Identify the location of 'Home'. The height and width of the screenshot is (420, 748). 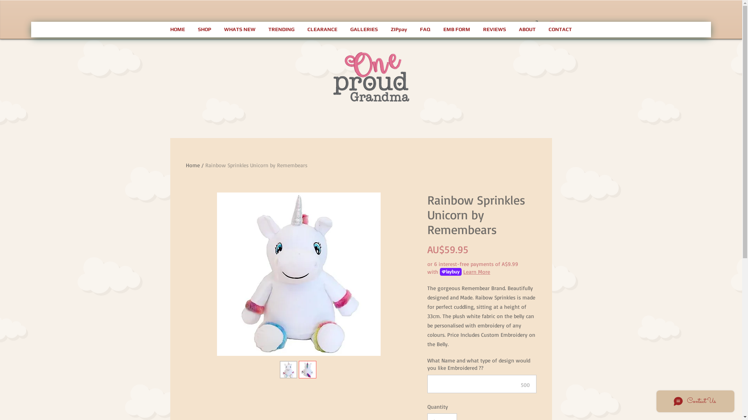
(192, 164).